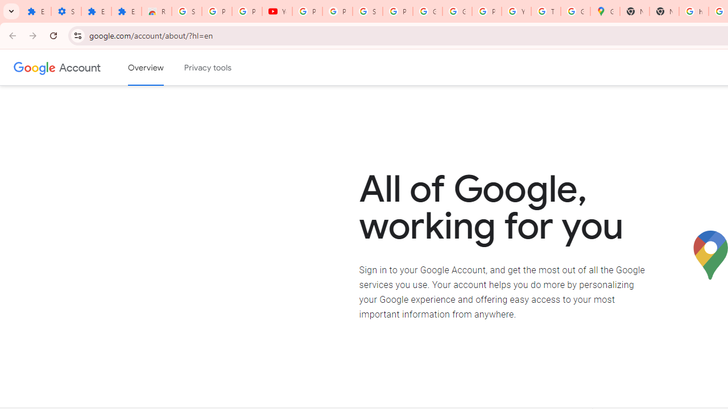  Describe the element at coordinates (208, 68) in the screenshot. I see `'Privacy tools'` at that location.